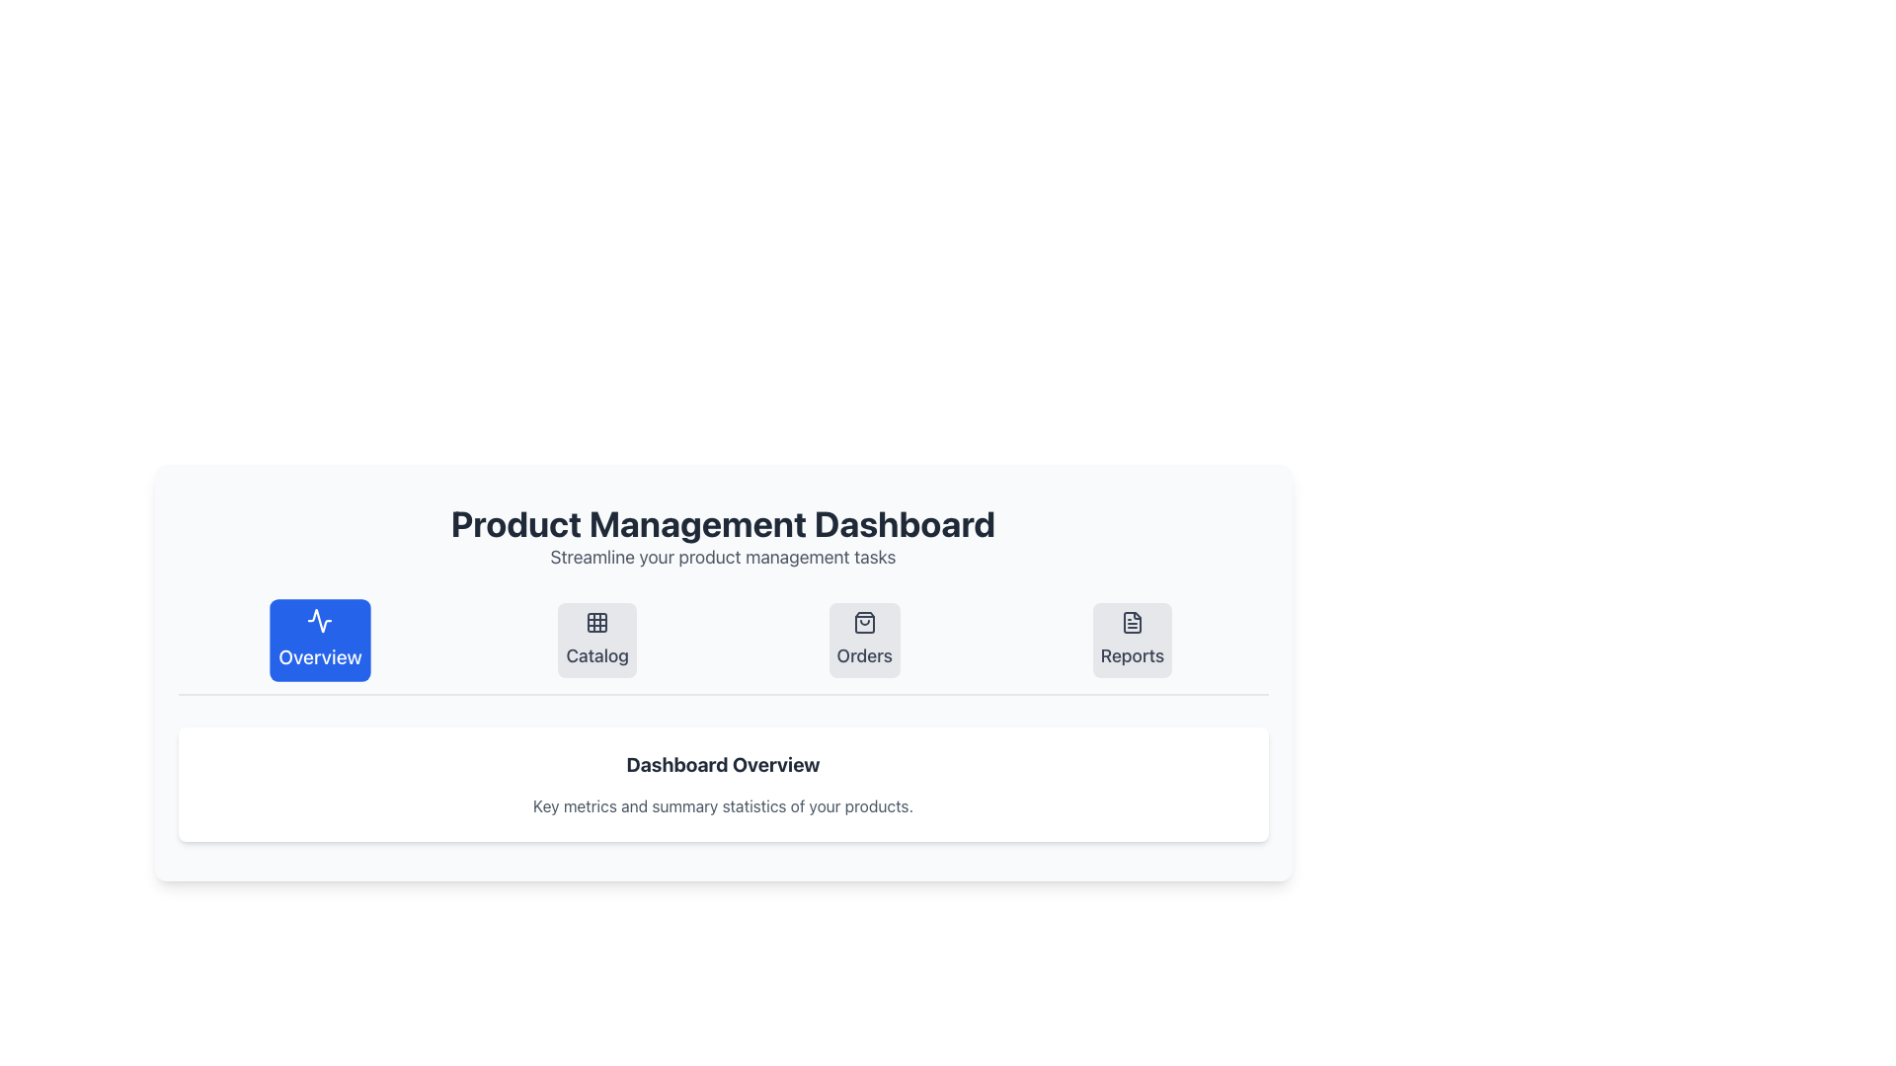 This screenshot has height=1066, width=1896. Describe the element at coordinates (1132, 623) in the screenshot. I see `the stylized icon resembling a folded document or file within the 'Reports' section of the dashboard interface` at that location.